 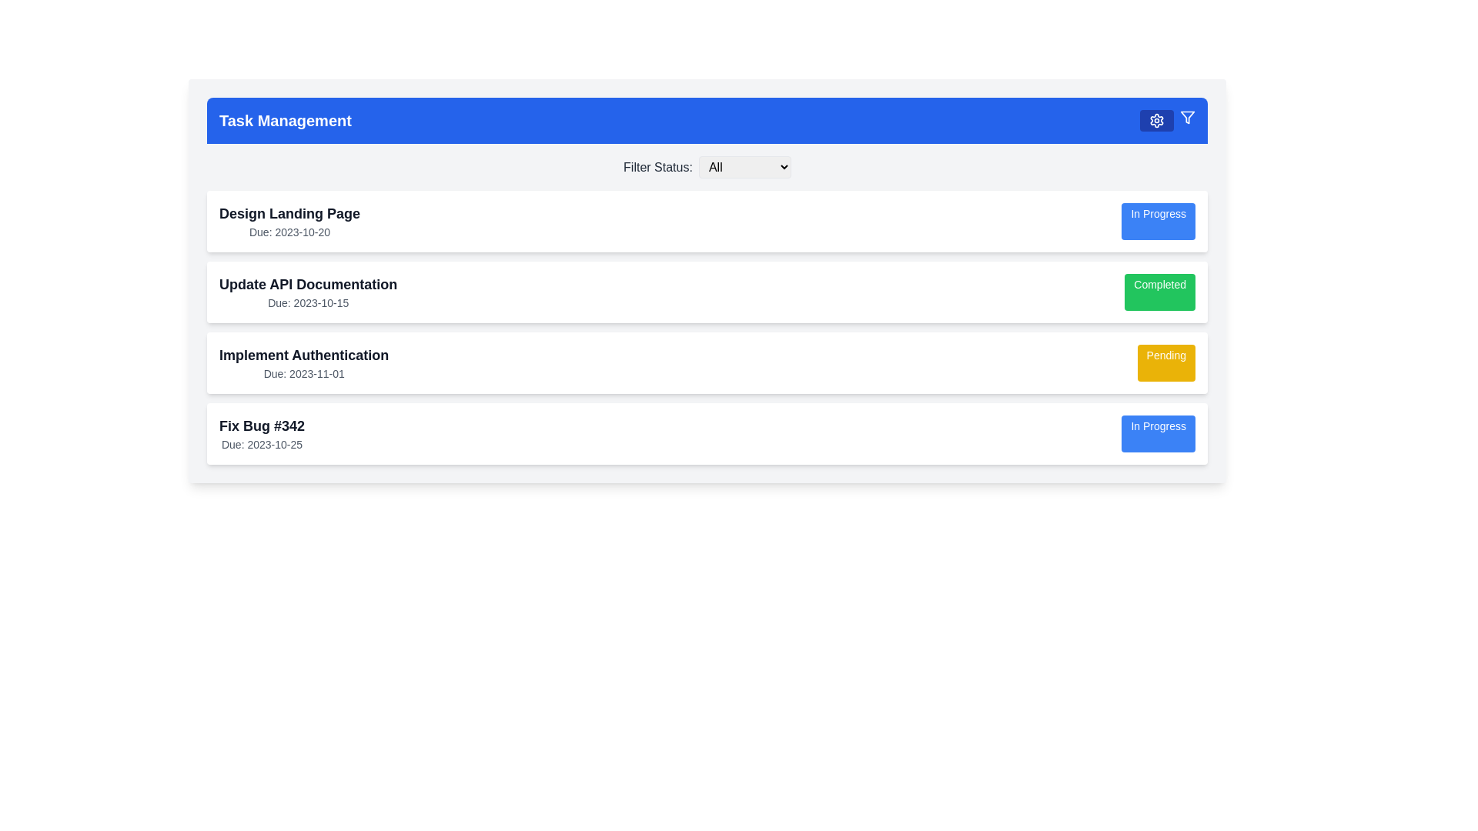 What do you see at coordinates (308, 302) in the screenshot?
I see `due date displayed on the text label that shows 'Due: 2023-10-15', which is located beneath the title 'Update API Documentation' in the second task card` at bounding box center [308, 302].